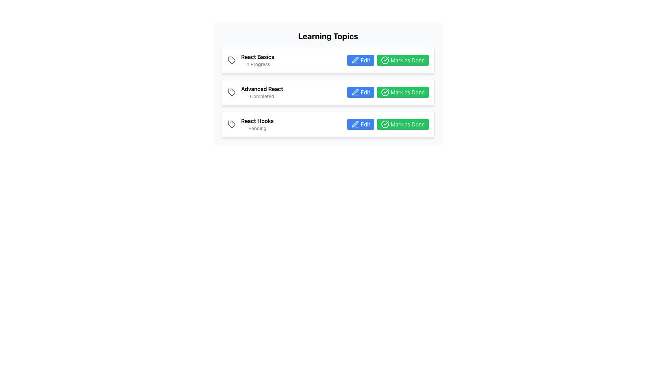  I want to click on the title text label reading 'Learning Topics', which is styled in bold, large-sized black text at the top of the module, so click(328, 36).